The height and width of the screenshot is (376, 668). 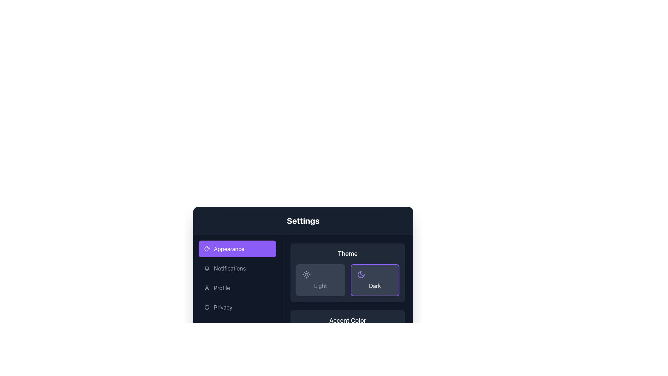 I want to click on the bell icon located in the top right corner of the settings panel, which visually represents notifications or alerts, so click(x=207, y=267).